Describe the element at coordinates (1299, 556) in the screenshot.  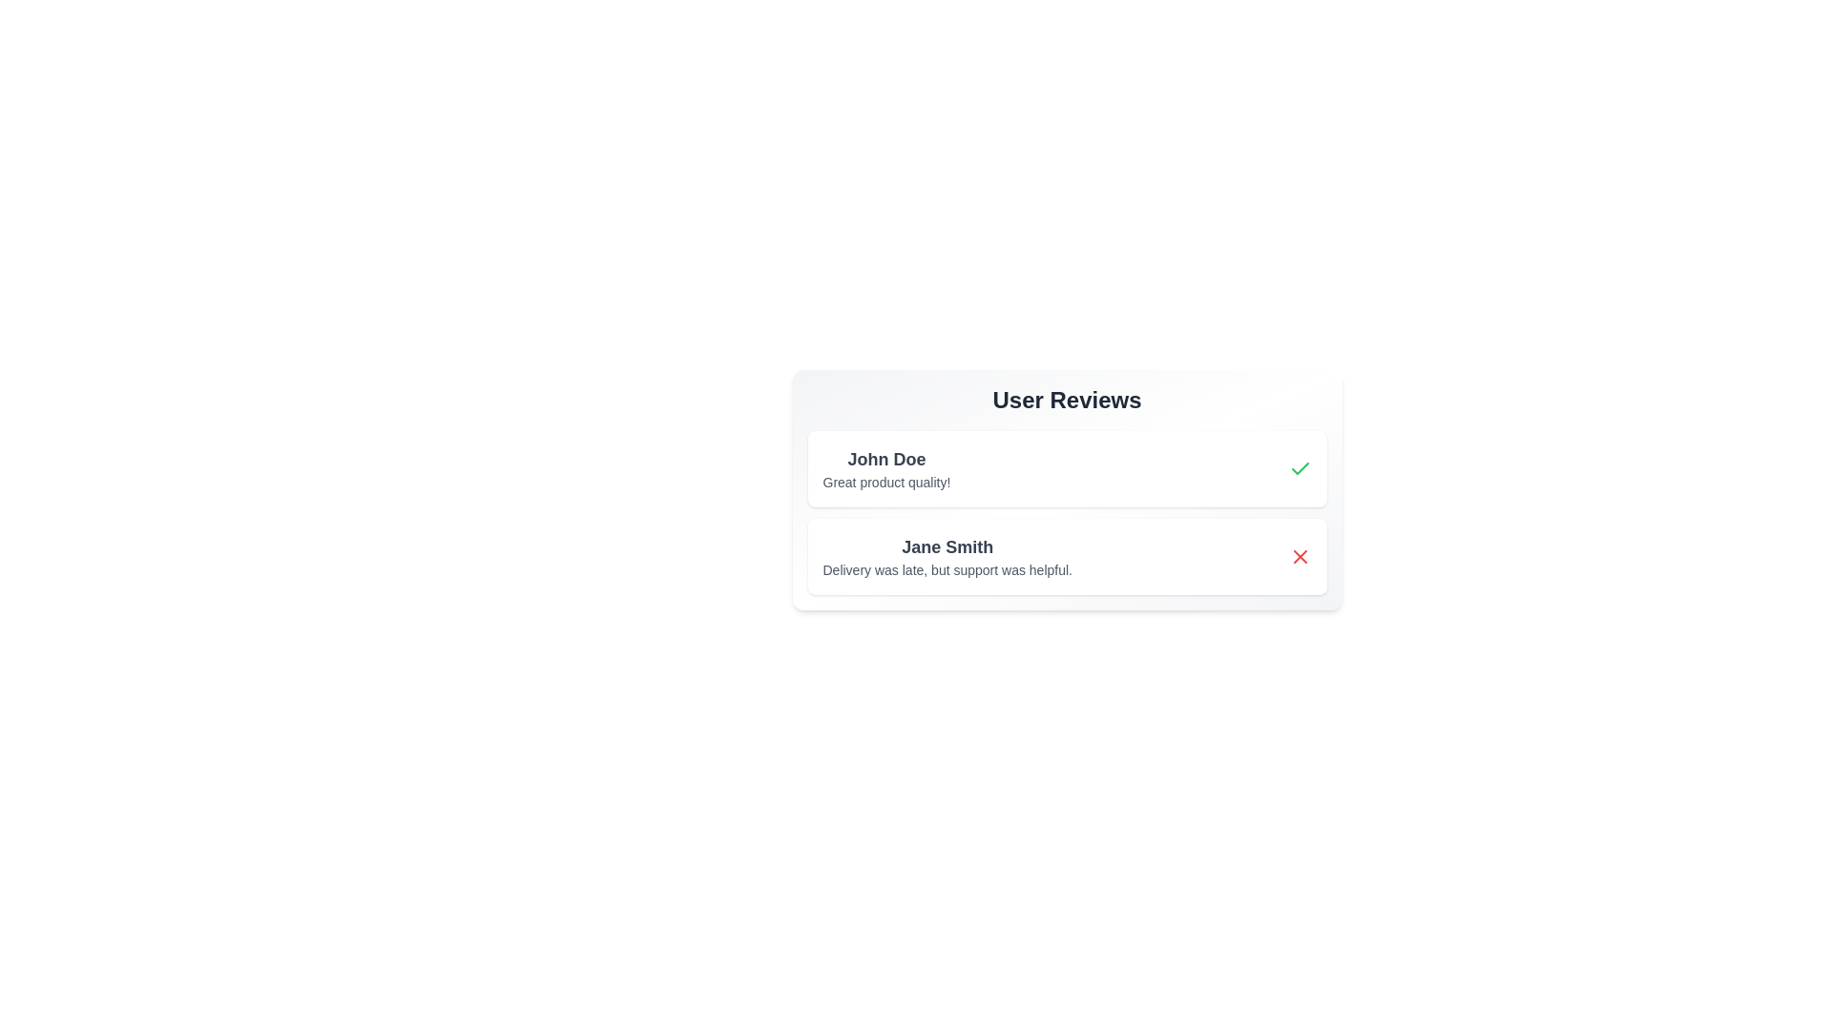
I see `the cross mark icon located at the right end of Jane Smith's review card` at that location.